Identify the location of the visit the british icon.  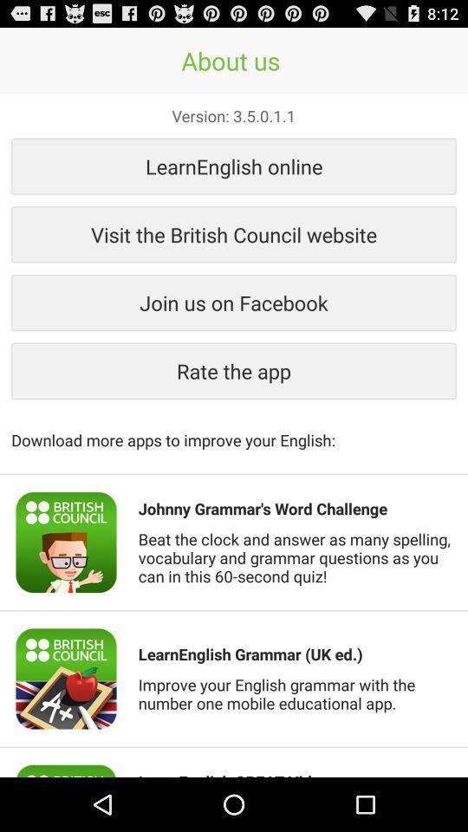
(234, 233).